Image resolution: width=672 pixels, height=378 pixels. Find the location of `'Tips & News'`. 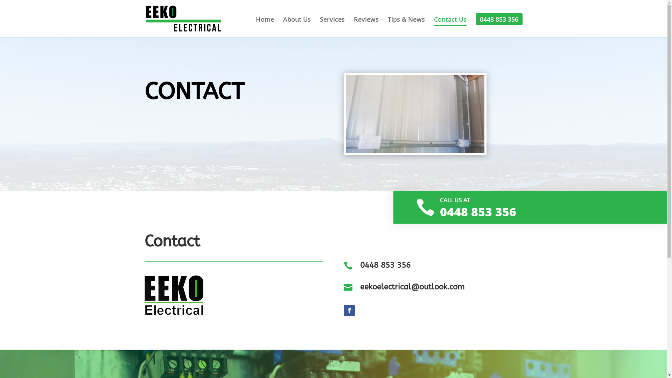

'Tips & News' is located at coordinates (406, 25).